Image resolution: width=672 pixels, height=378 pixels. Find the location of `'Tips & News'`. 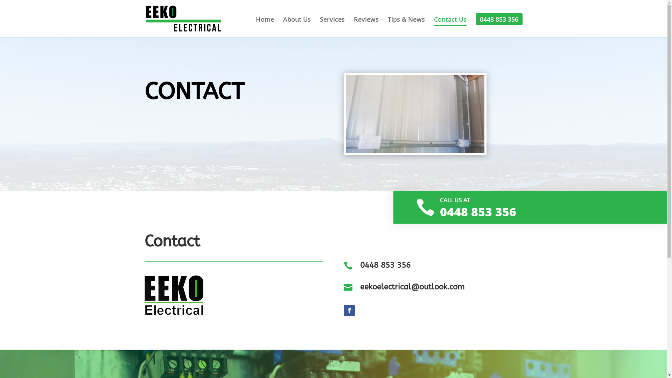

'Tips & News' is located at coordinates (406, 25).